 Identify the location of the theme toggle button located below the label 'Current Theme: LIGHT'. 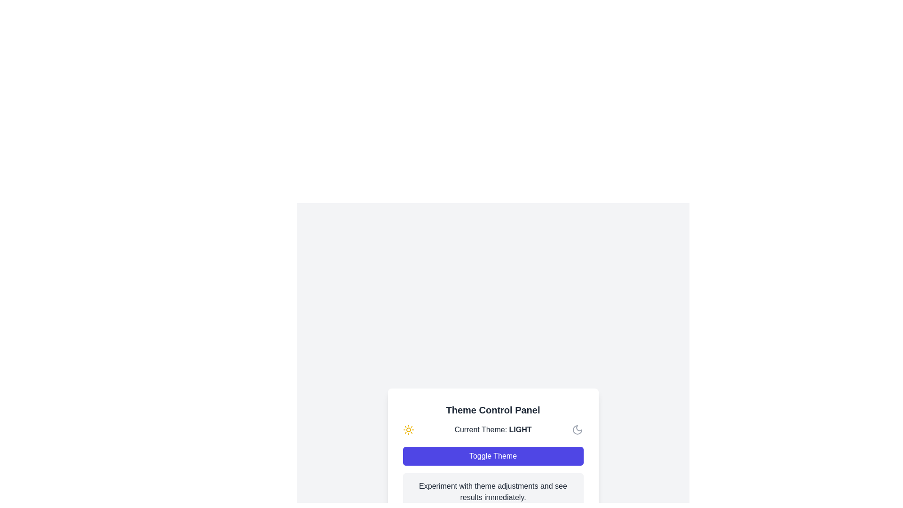
(492, 455).